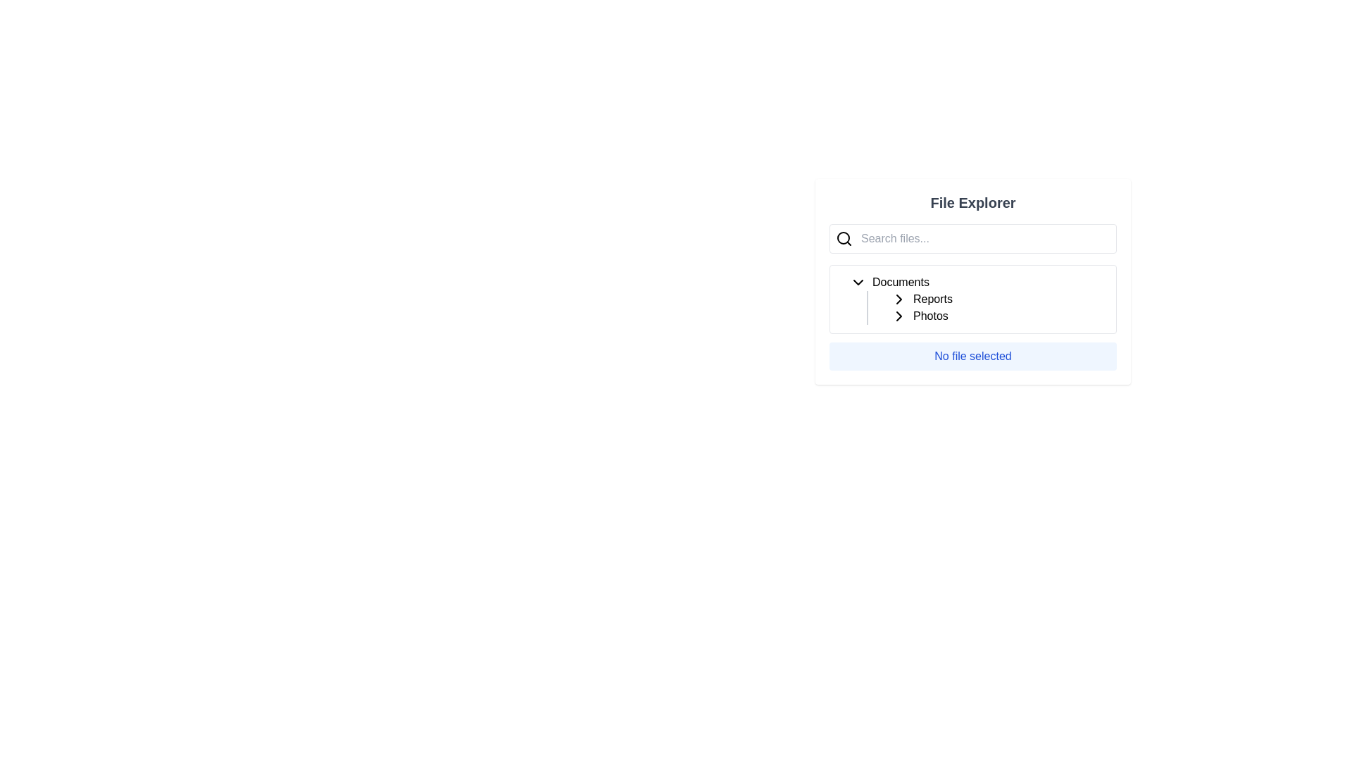 Image resolution: width=1352 pixels, height=761 pixels. What do you see at coordinates (858, 283) in the screenshot?
I see `the toggle Icon button located to the immediate left of the 'Documents' text label` at bounding box center [858, 283].